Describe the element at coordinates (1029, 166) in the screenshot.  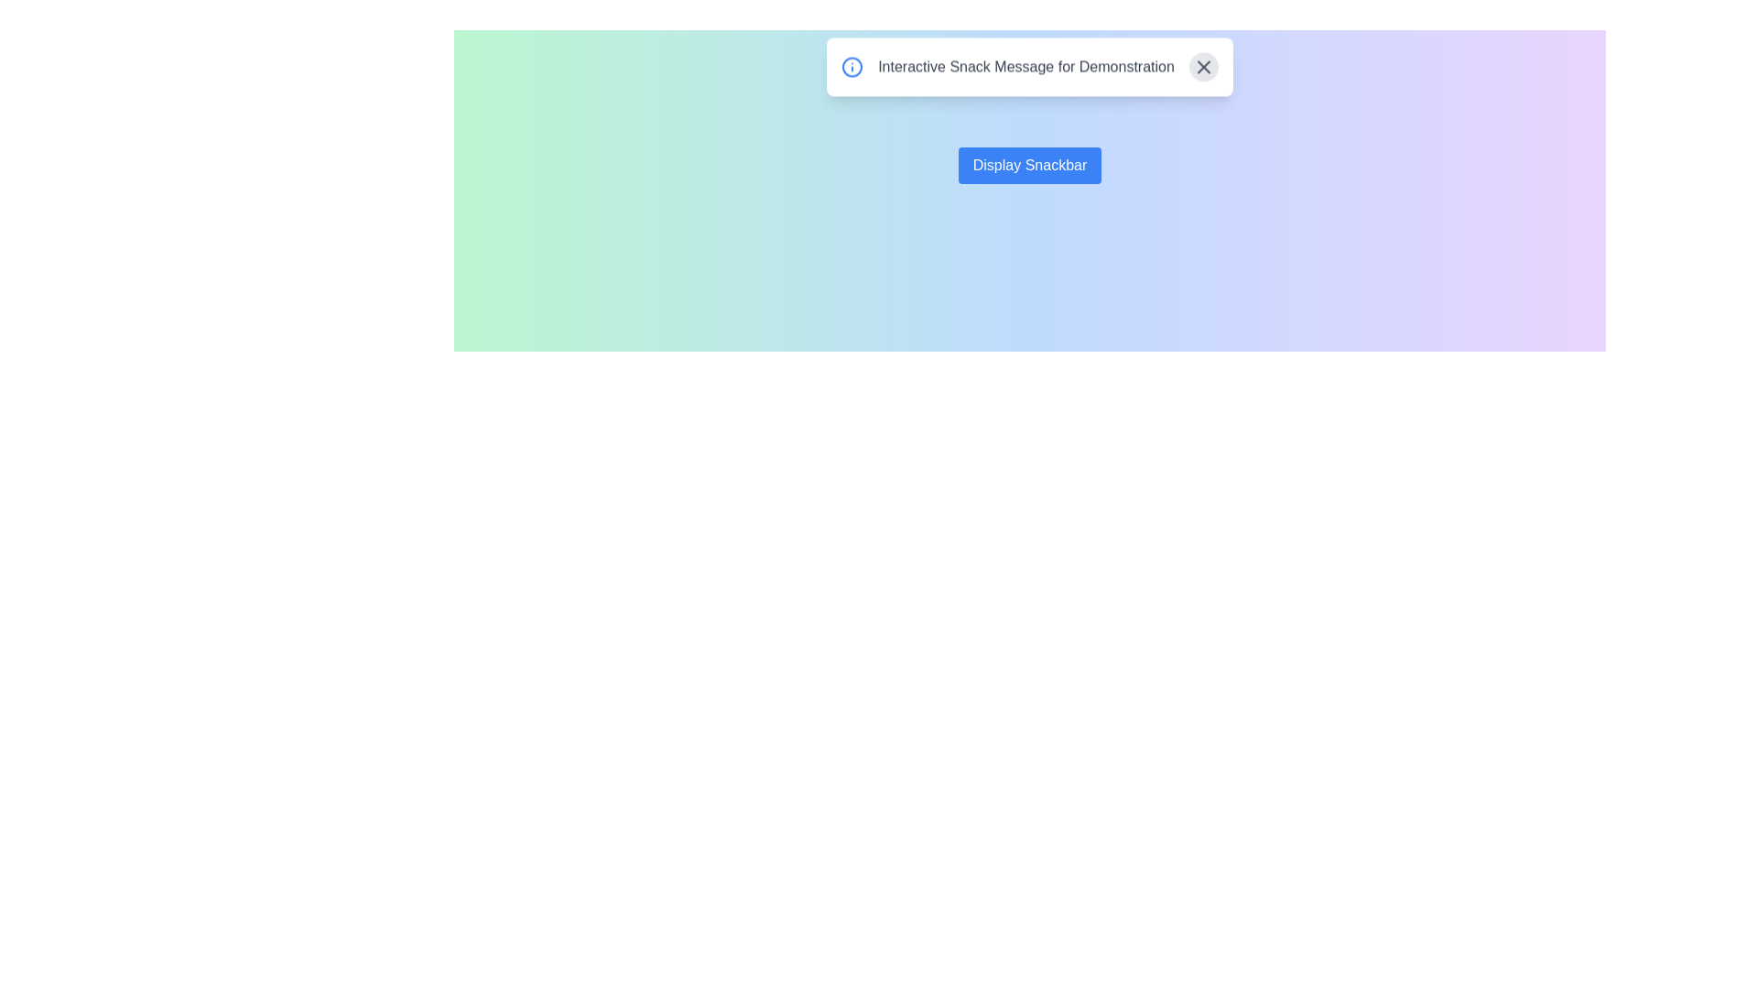
I see `the blue button labeled 'Display Snackbar' that is positioned below the notification bar` at that location.